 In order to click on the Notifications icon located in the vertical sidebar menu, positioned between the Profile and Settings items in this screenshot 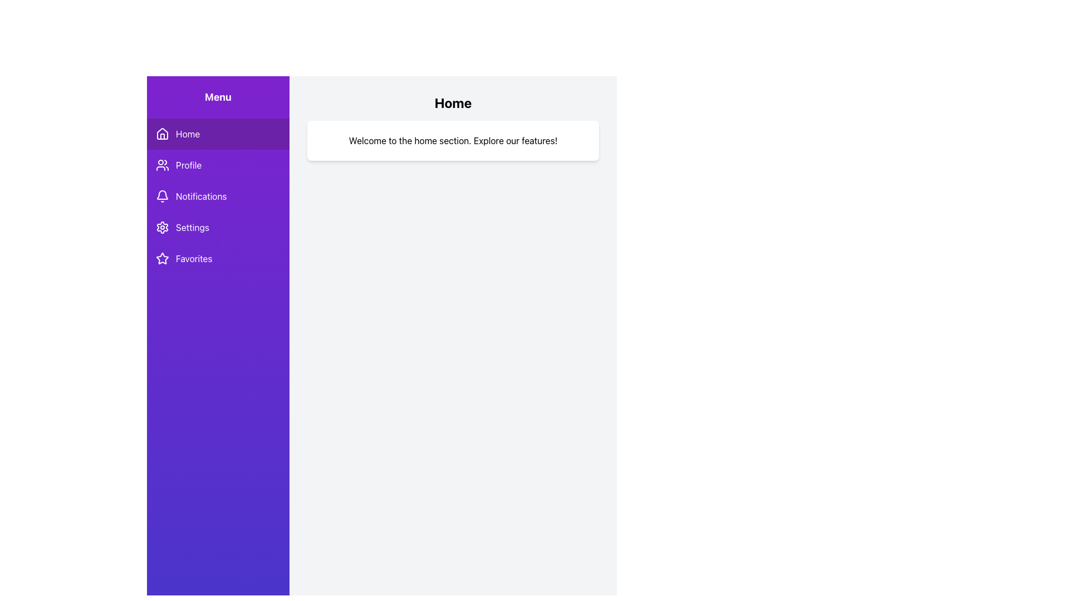, I will do `click(162, 196)`.